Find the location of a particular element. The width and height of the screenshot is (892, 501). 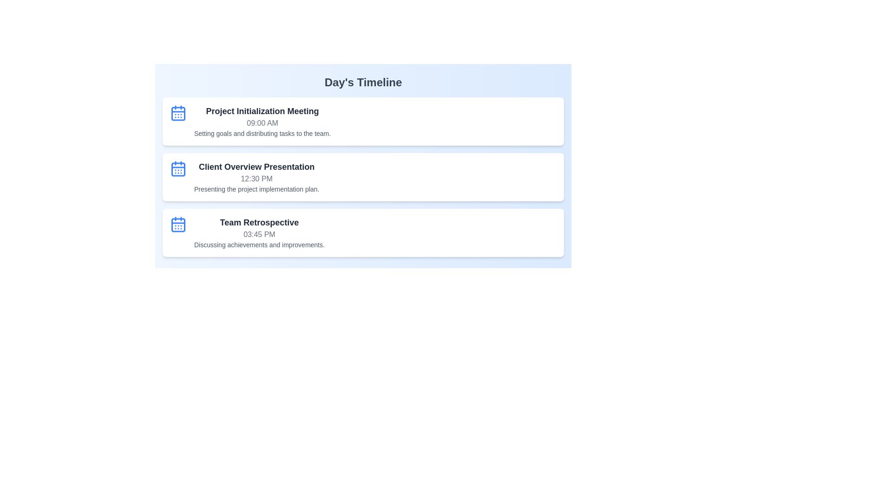

the static text label that provides additional information about the 'Project Initialization Meeting' in the timeline card, which is positioned at the bottom of the card, below the title and timestamp is located at coordinates (262, 134).